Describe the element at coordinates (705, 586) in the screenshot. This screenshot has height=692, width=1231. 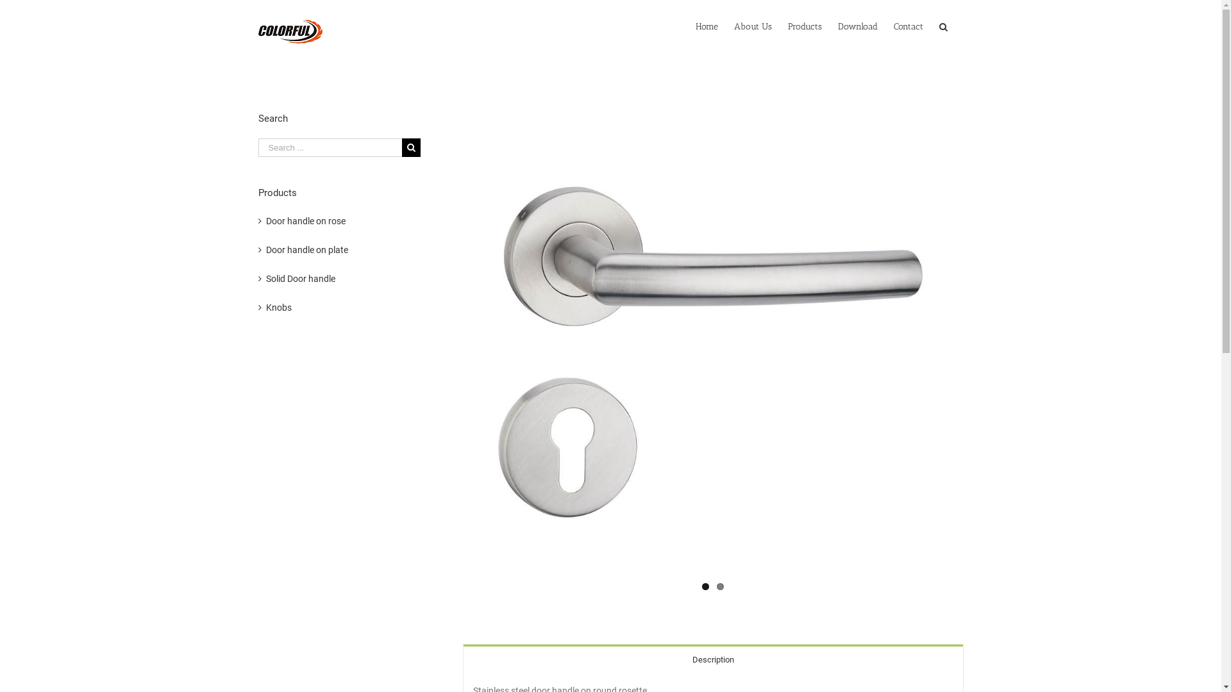
I see `'1'` at that location.